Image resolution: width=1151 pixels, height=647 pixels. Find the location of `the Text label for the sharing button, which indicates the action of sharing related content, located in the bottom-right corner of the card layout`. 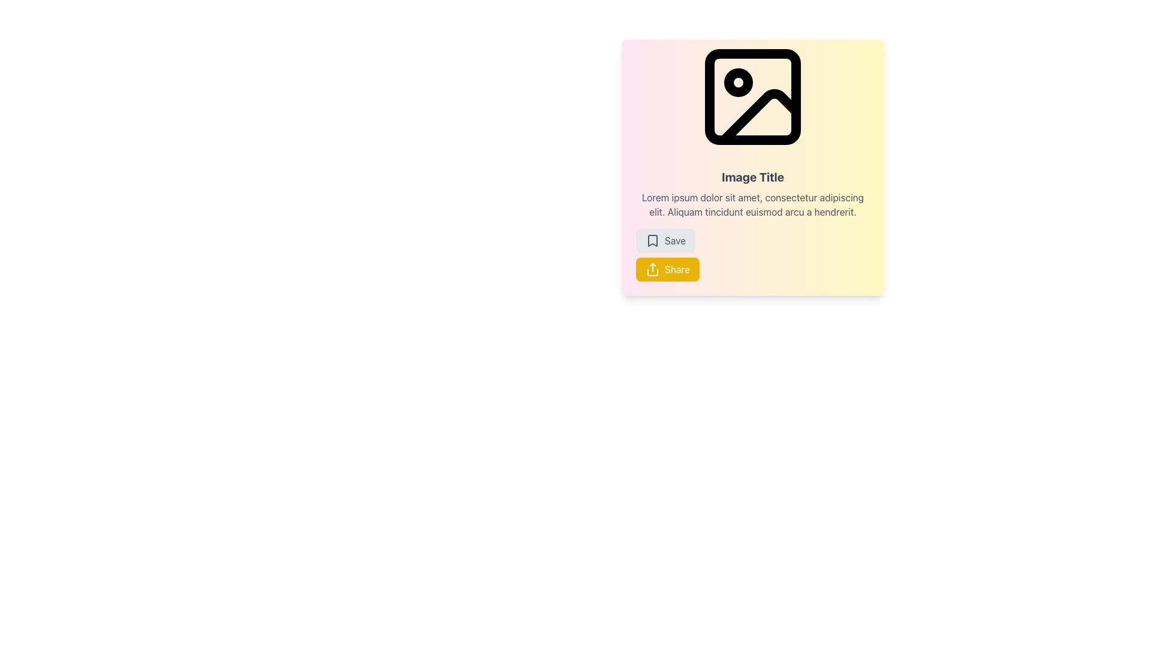

the Text label for the sharing button, which indicates the action of sharing related content, located in the bottom-right corner of the card layout is located at coordinates (677, 270).